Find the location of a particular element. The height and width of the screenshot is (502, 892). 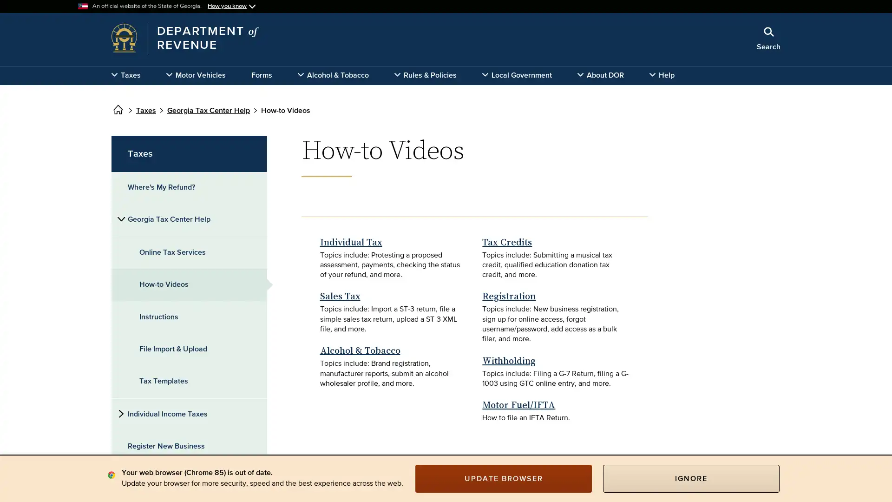

Side subnavigation toggle for 'Georgia Tax Center Help' is located at coordinates (120, 220).